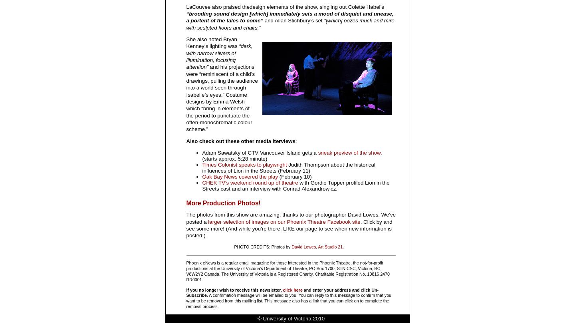 The height and width of the screenshot is (326, 575). What do you see at coordinates (222, 97) in the screenshot?
I see `'and his projections were “reminiscent of a child’s drawings, pulling the audience into a world seen through Isabelle’s eyes.” Costume designs by Emma Welsh which “bring in elements of the period to punctuate the often-monochromatic colour scheme.”'` at bounding box center [222, 97].